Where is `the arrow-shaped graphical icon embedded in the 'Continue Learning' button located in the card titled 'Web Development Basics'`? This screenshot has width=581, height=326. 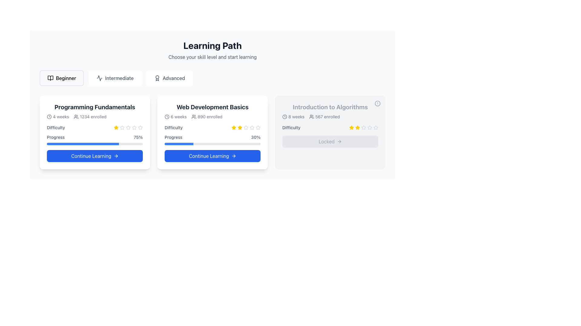
the arrow-shaped graphical icon embedded in the 'Continue Learning' button located in the card titled 'Web Development Basics' is located at coordinates (234, 155).